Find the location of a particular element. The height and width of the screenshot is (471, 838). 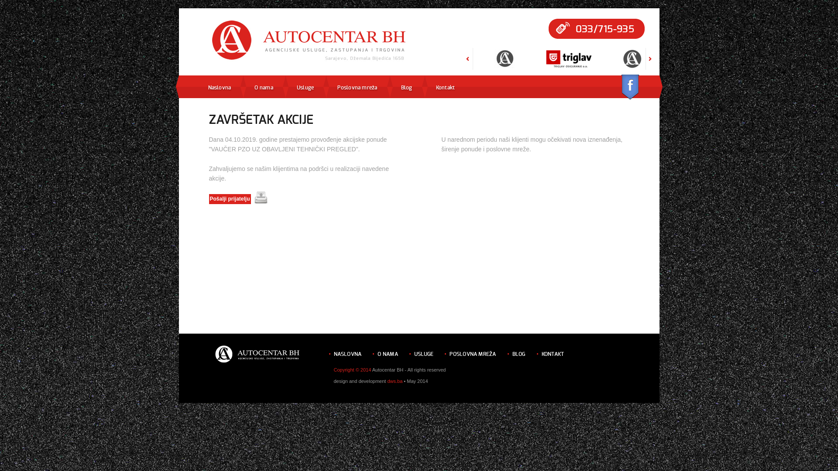

'BLOG' is located at coordinates (519, 354).